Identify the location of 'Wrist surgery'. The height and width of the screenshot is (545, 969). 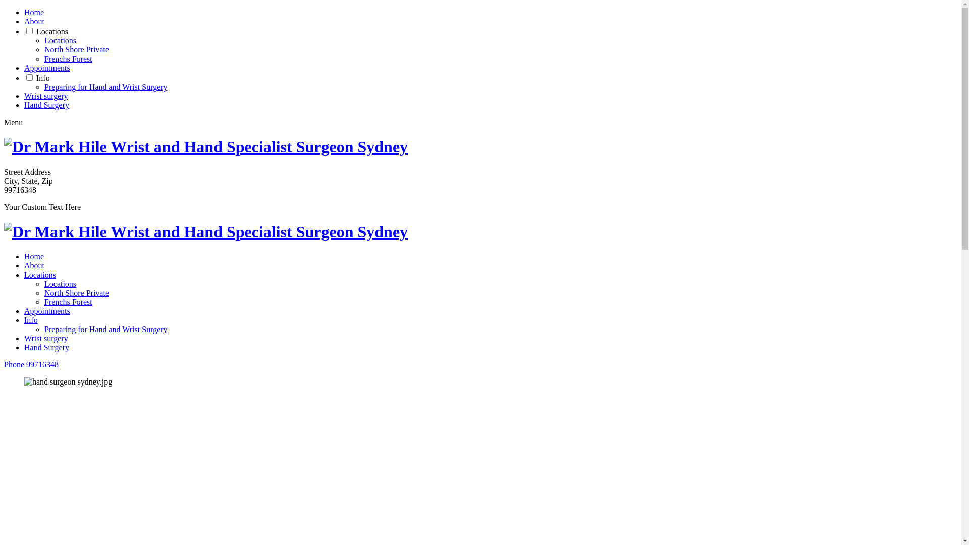
(45, 96).